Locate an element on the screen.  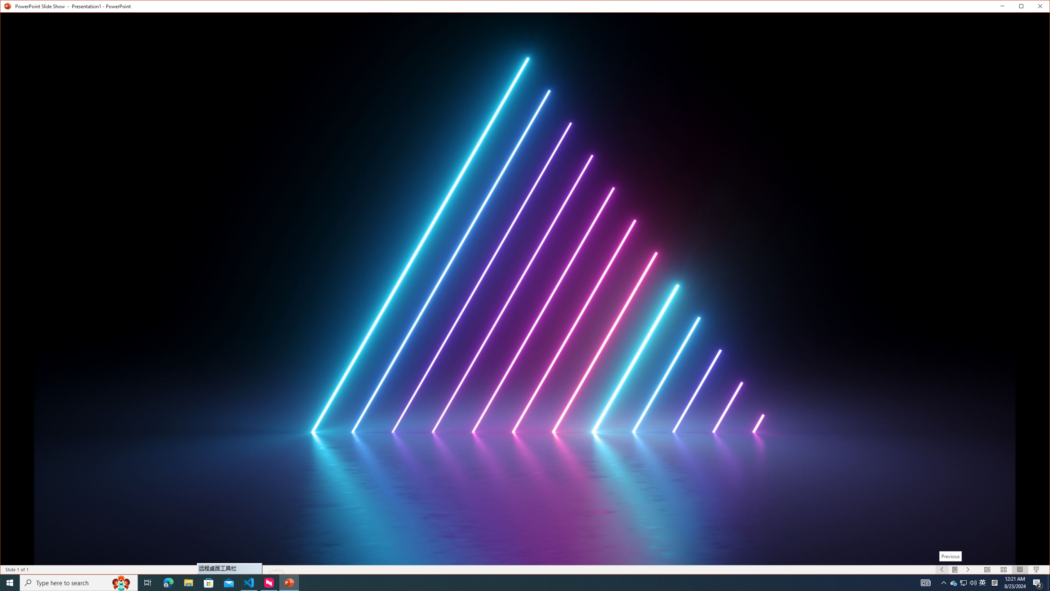
'Start' is located at coordinates (10, 582).